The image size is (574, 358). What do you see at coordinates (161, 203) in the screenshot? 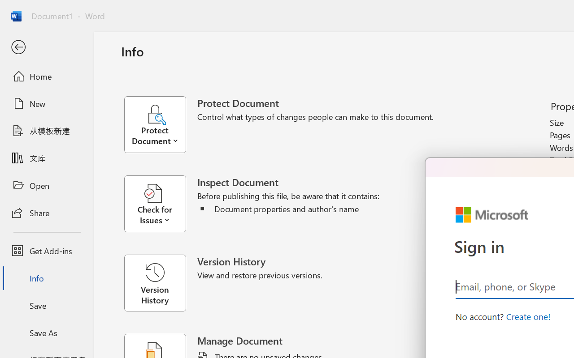
I see `'Check for Issues'` at bounding box center [161, 203].